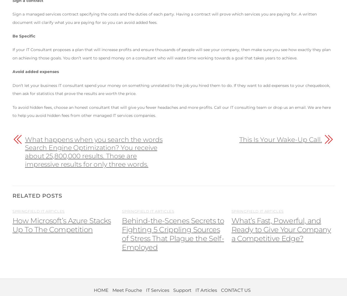  Describe the element at coordinates (182, 290) in the screenshot. I see `'Support'` at that location.